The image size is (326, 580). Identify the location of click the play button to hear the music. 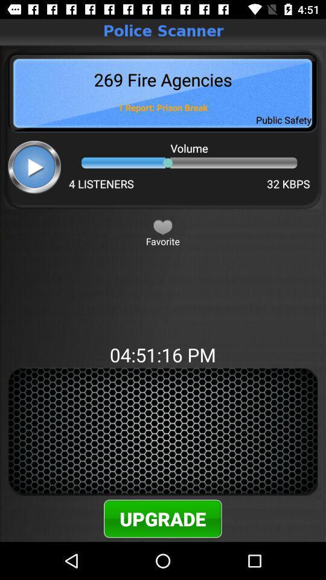
(34, 166).